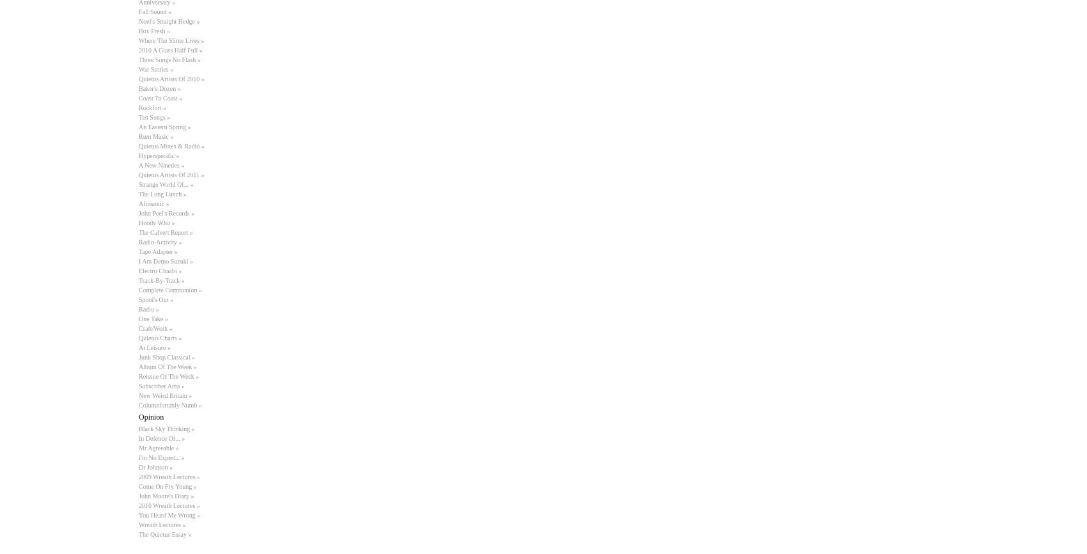 The width and height of the screenshot is (1087, 554). I want to click on 'Where The Slime Lives »', so click(171, 40).